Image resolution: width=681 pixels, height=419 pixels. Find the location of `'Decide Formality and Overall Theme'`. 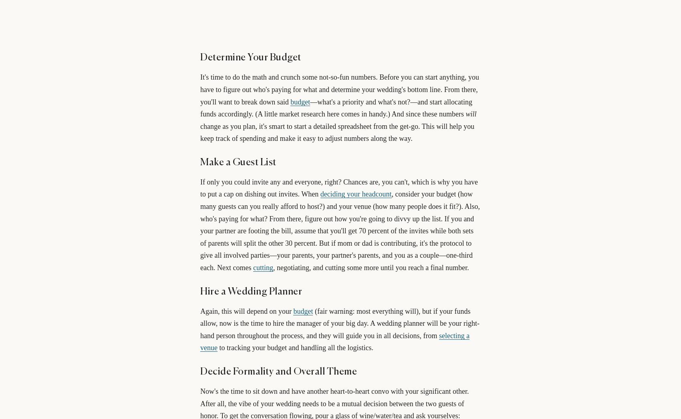

'Decide Formality and Overall Theme' is located at coordinates (278, 372).